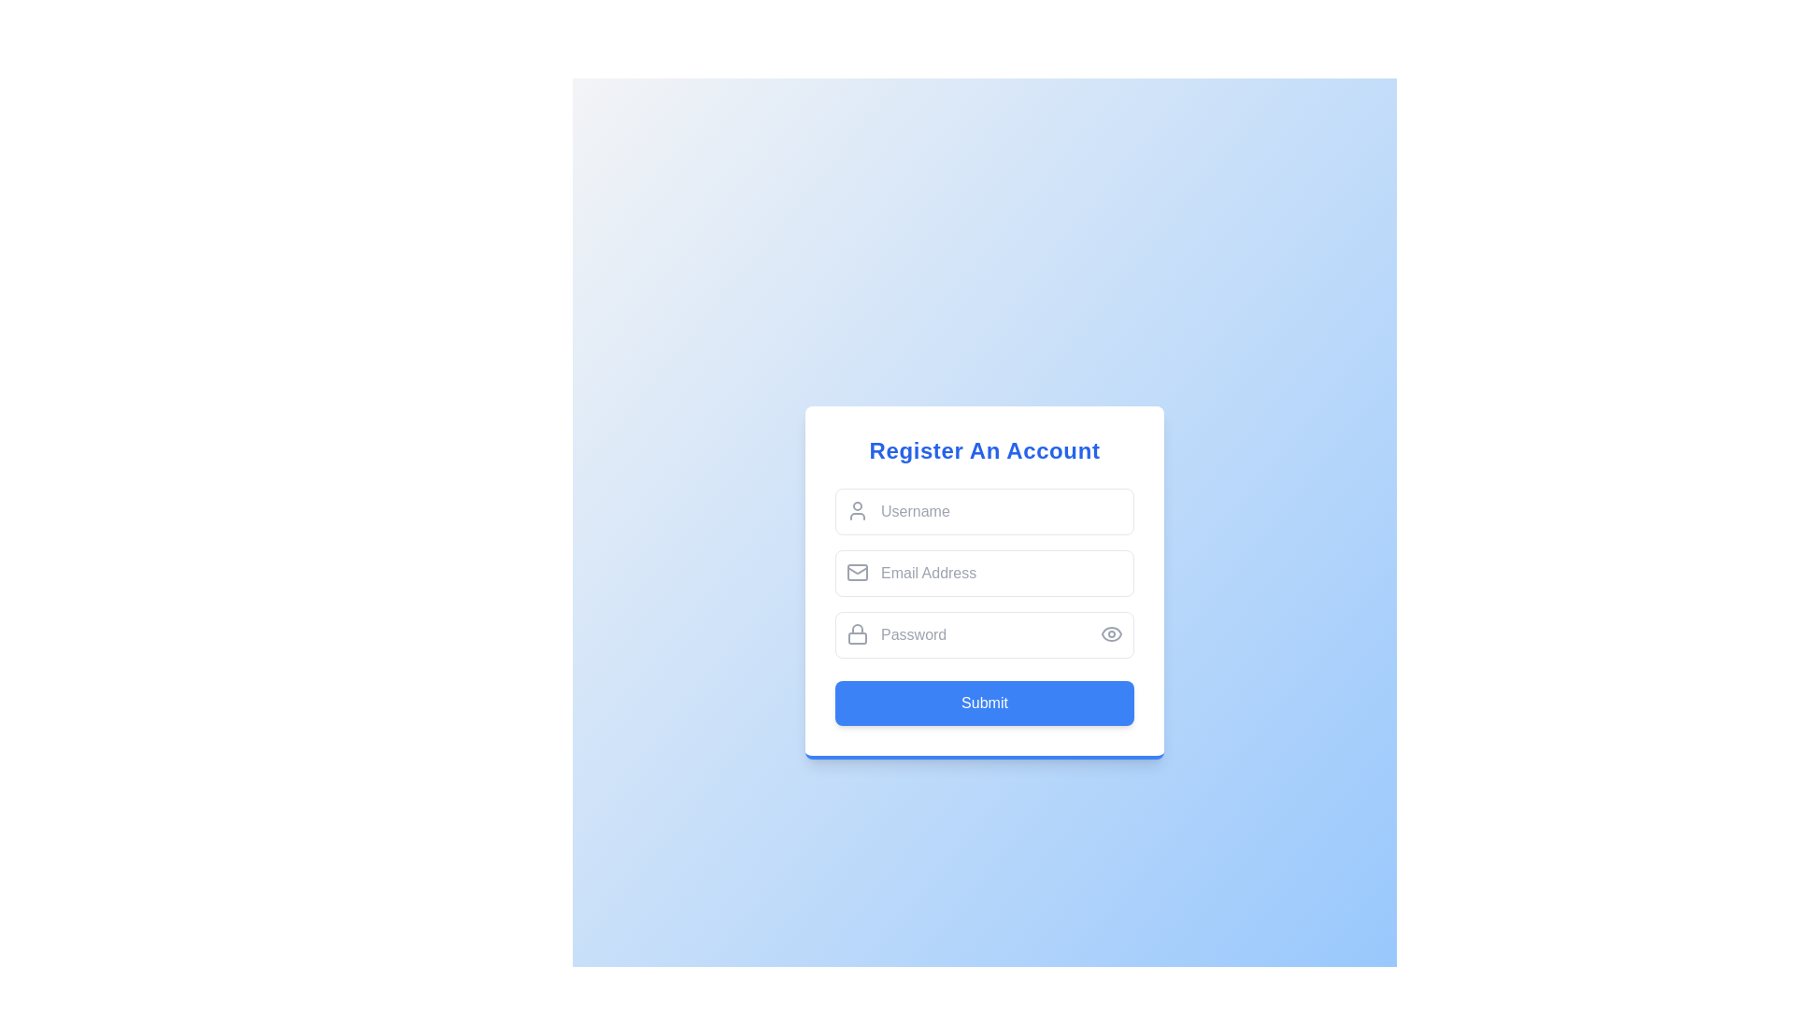 The height and width of the screenshot is (1009, 1794). I want to click on the rectangular body of the padlock icon located beside the password input field, so click(856, 637).